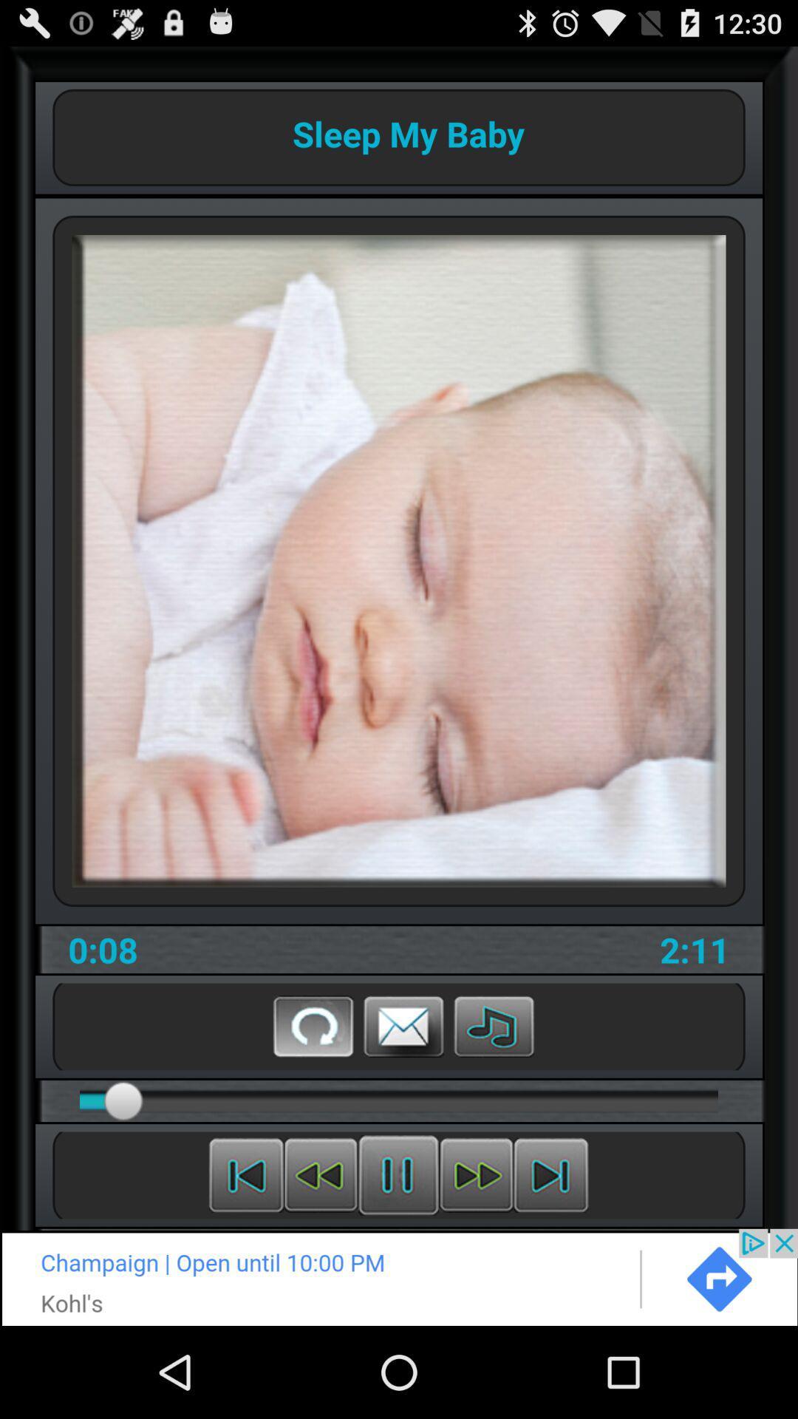 The image size is (798, 1419). Describe the element at coordinates (550, 1174) in the screenshot. I see `pause play` at that location.